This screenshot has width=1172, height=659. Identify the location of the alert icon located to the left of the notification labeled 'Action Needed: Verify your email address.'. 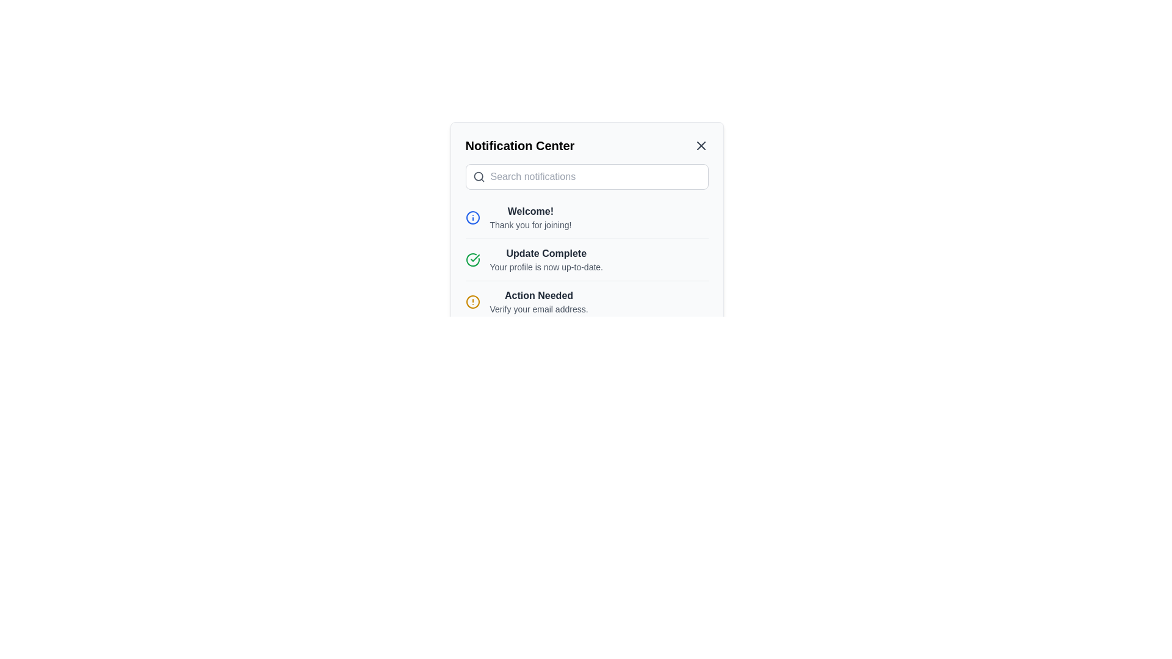
(472, 301).